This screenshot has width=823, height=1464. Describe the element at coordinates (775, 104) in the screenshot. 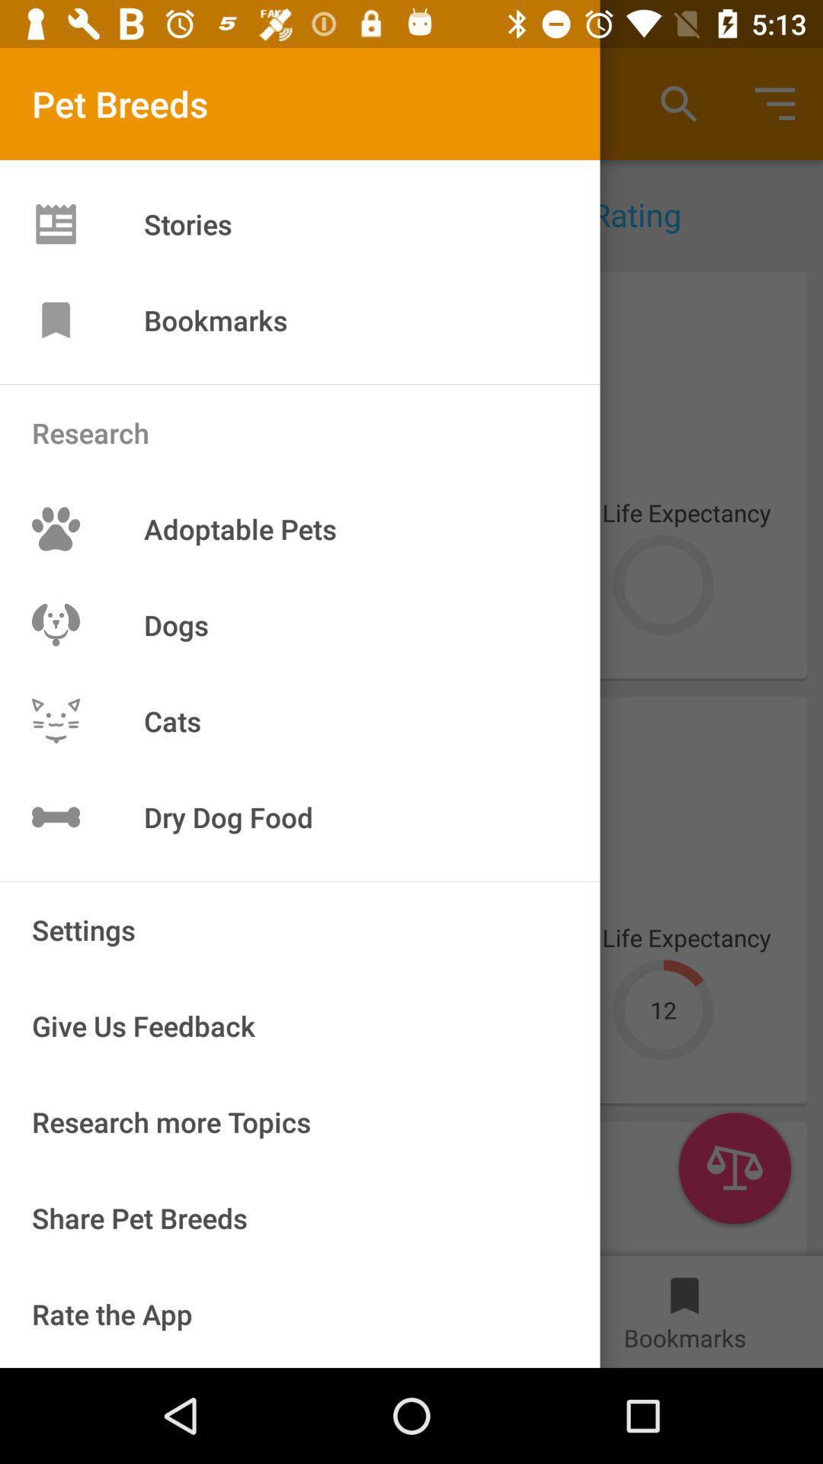

I see `the menu icon on the top right corner` at that location.